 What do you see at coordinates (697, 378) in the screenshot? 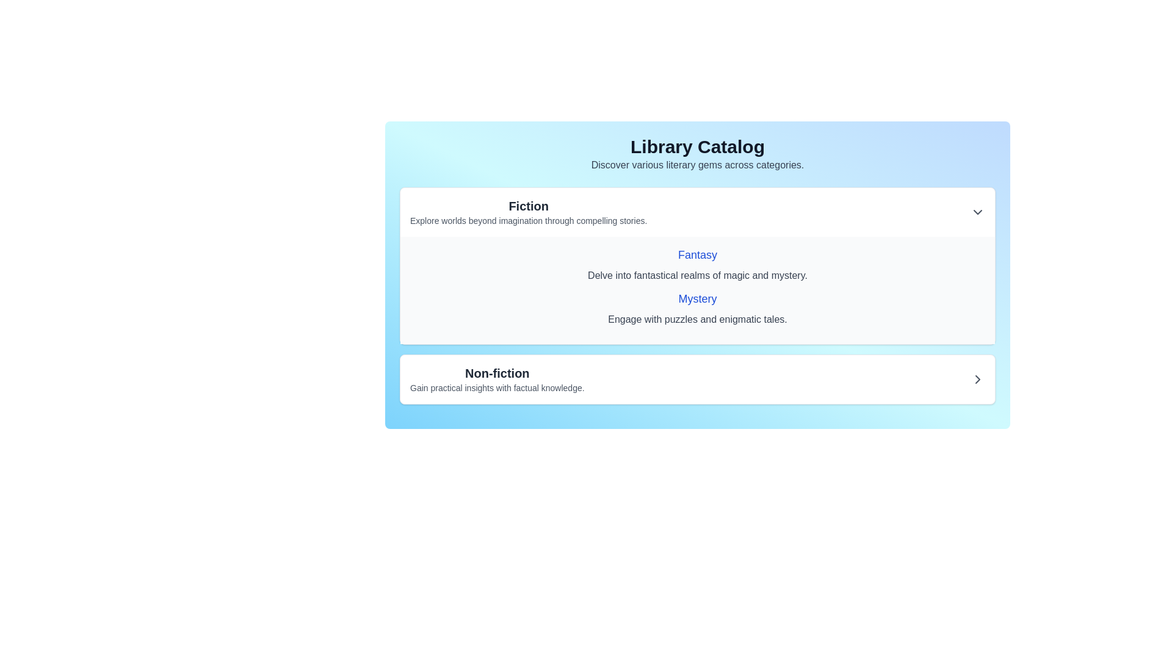
I see `the entry point for the 'Non-fiction' section of the library catalog` at bounding box center [697, 378].